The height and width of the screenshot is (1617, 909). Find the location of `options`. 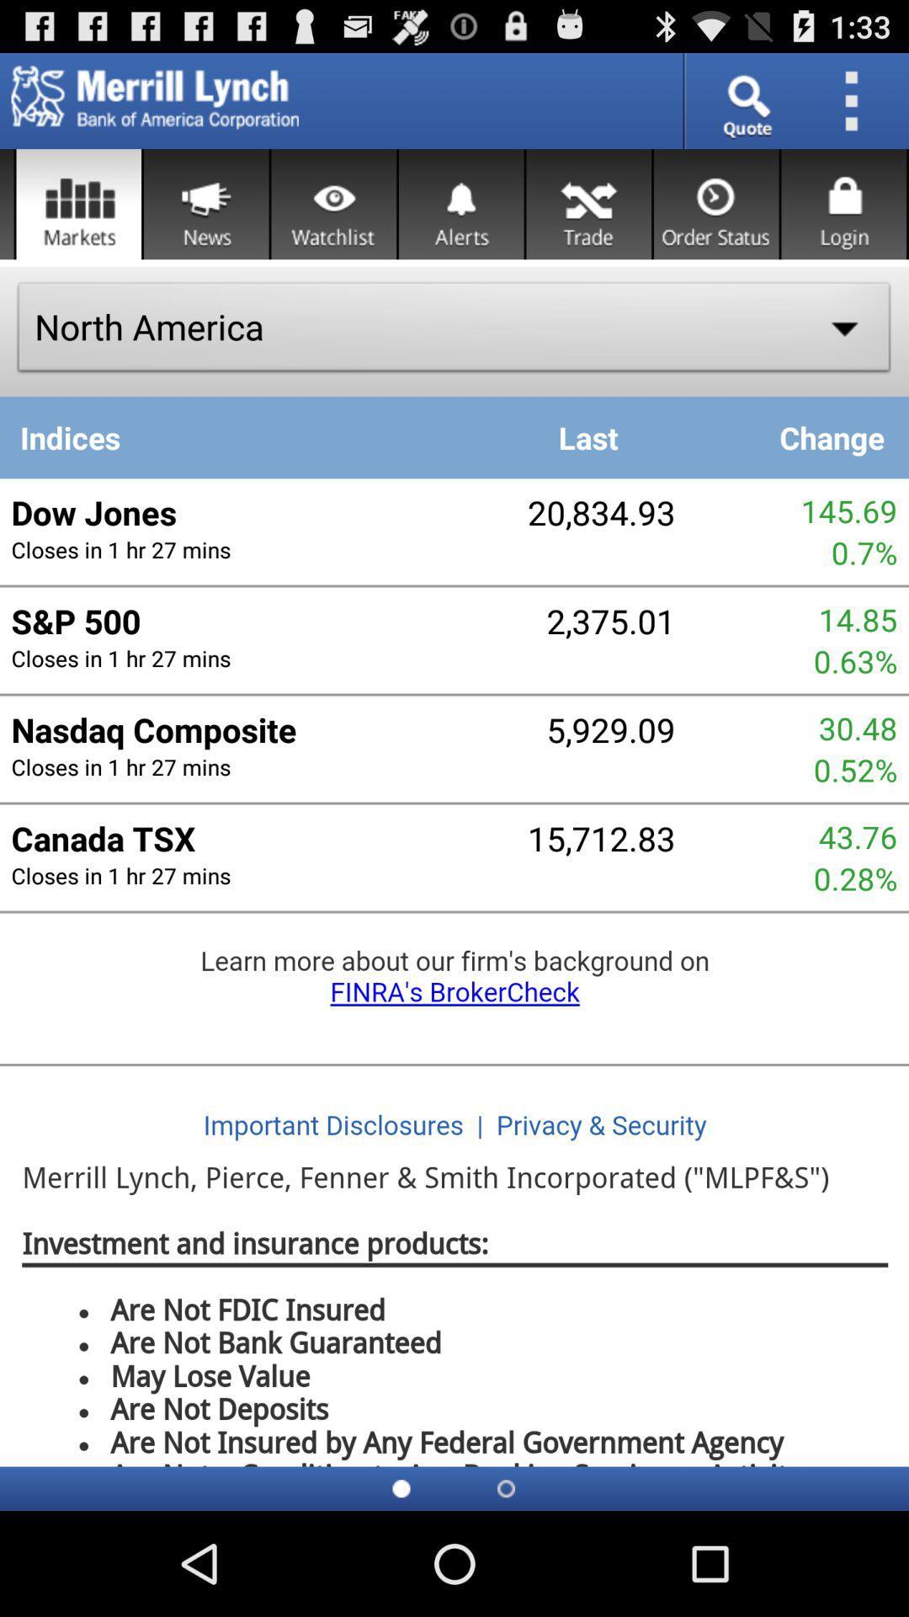

options is located at coordinates (857, 100).